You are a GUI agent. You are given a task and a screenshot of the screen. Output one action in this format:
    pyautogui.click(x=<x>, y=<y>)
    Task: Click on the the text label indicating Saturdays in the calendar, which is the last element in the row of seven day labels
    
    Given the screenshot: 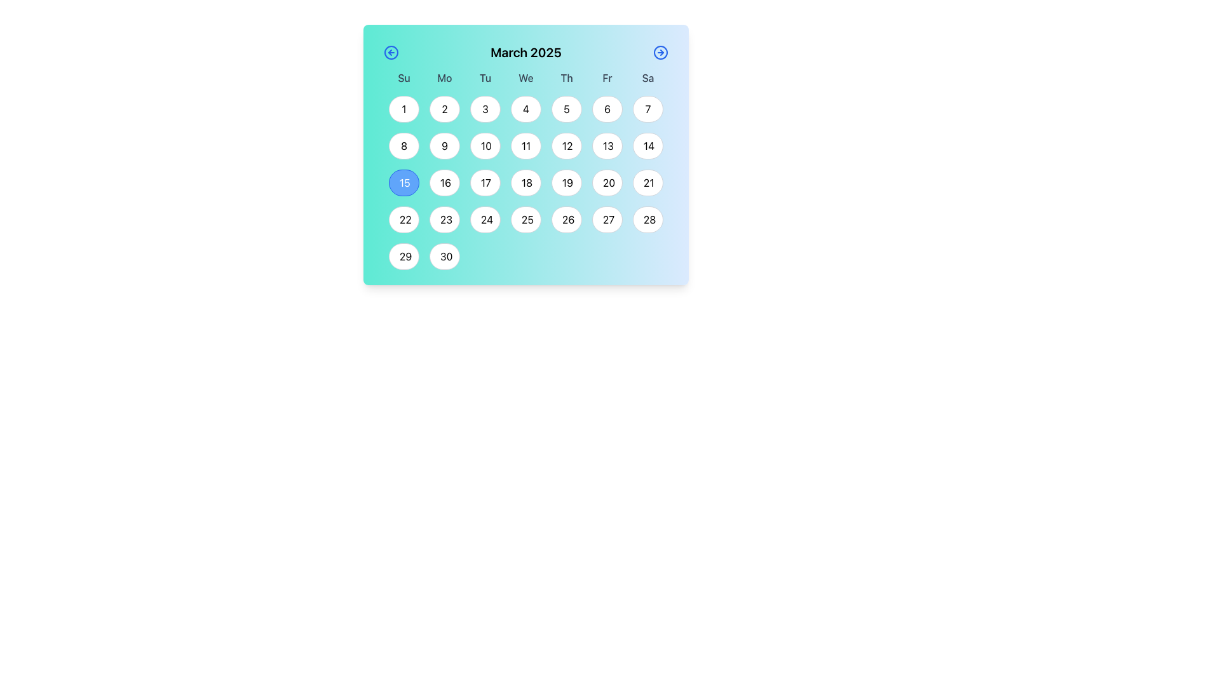 What is the action you would take?
    pyautogui.click(x=647, y=78)
    